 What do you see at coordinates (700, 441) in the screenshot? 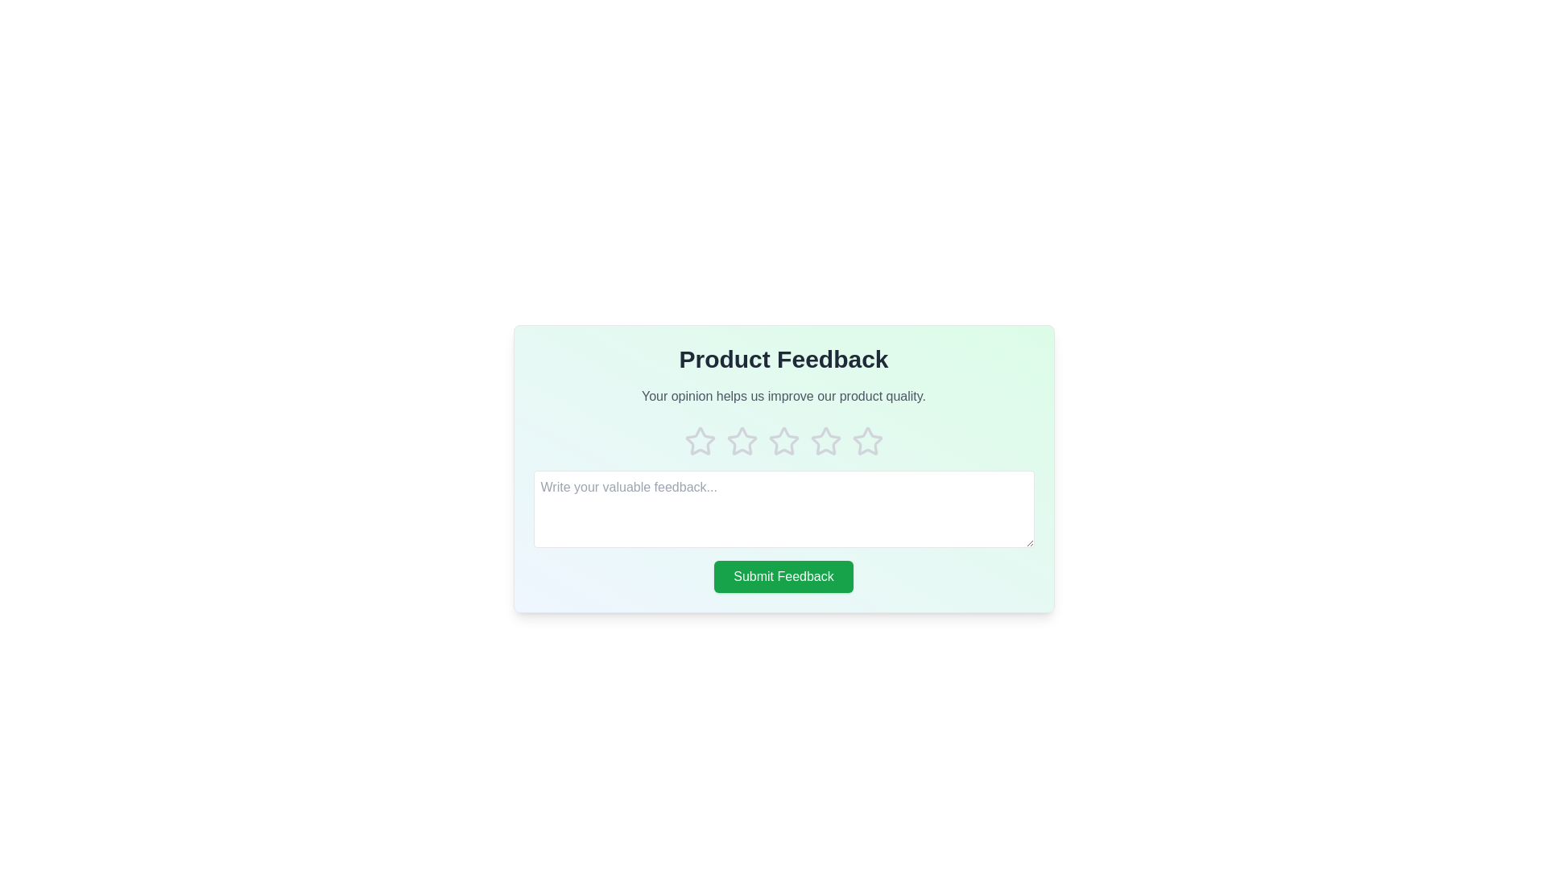
I see `the first star icon in the rating option section, which is styled with a light gray color and has a hollow center, located below the feedback prompt` at bounding box center [700, 441].